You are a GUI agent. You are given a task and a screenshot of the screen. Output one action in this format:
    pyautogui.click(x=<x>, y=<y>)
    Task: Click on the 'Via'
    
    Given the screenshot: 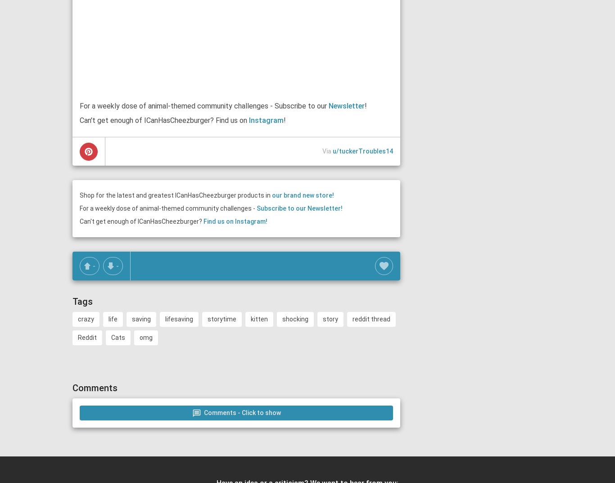 What is the action you would take?
    pyautogui.click(x=327, y=151)
    